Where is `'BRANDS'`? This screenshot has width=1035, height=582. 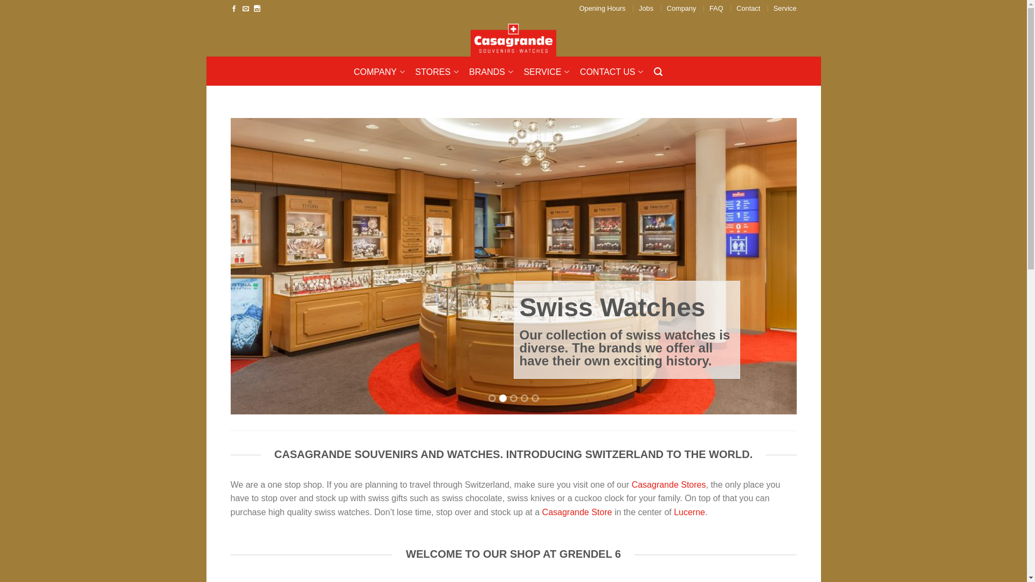
'BRANDS' is located at coordinates (494, 72).